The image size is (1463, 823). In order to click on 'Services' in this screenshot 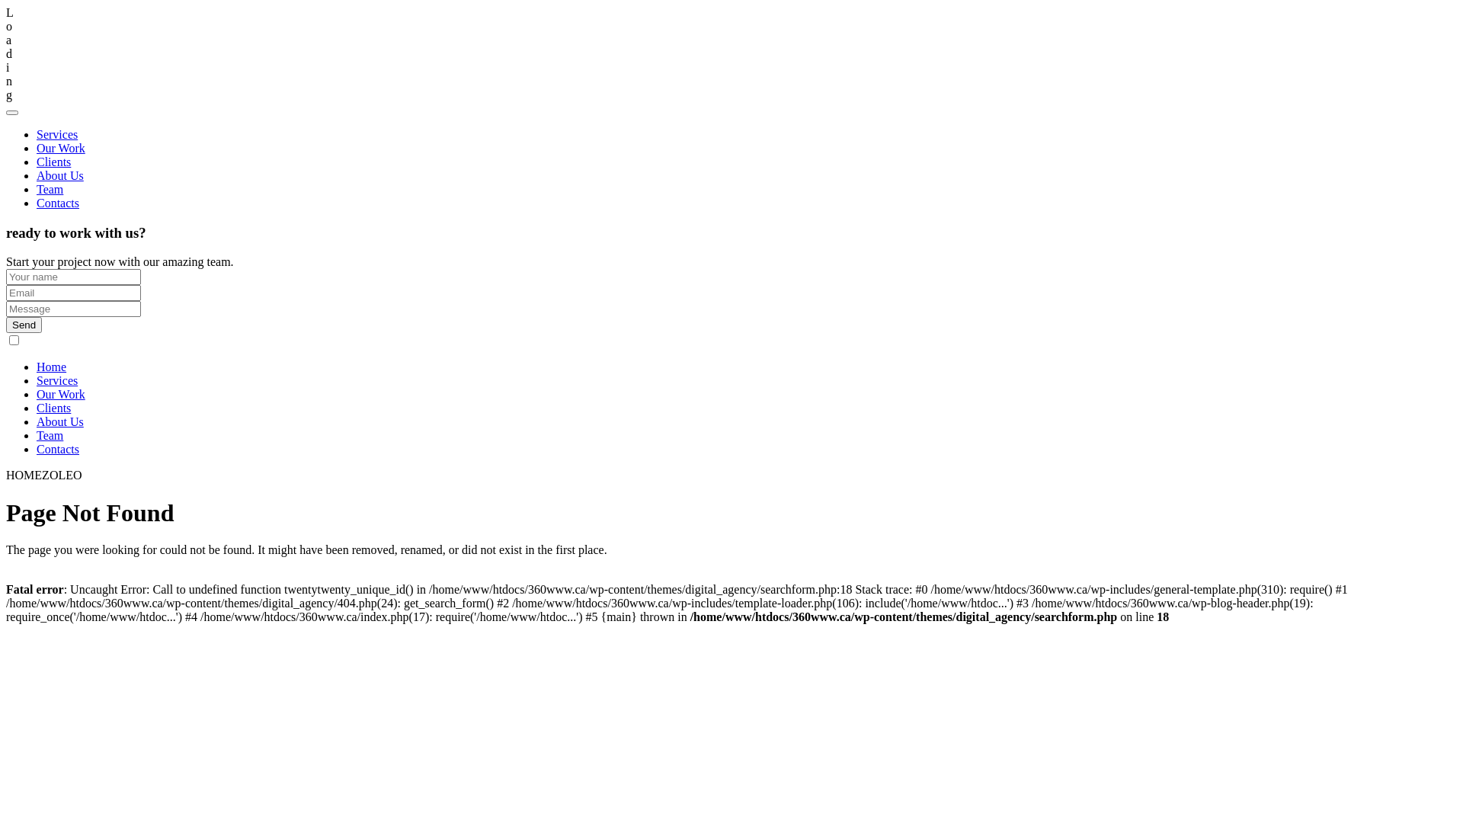, I will do `click(57, 379)`.